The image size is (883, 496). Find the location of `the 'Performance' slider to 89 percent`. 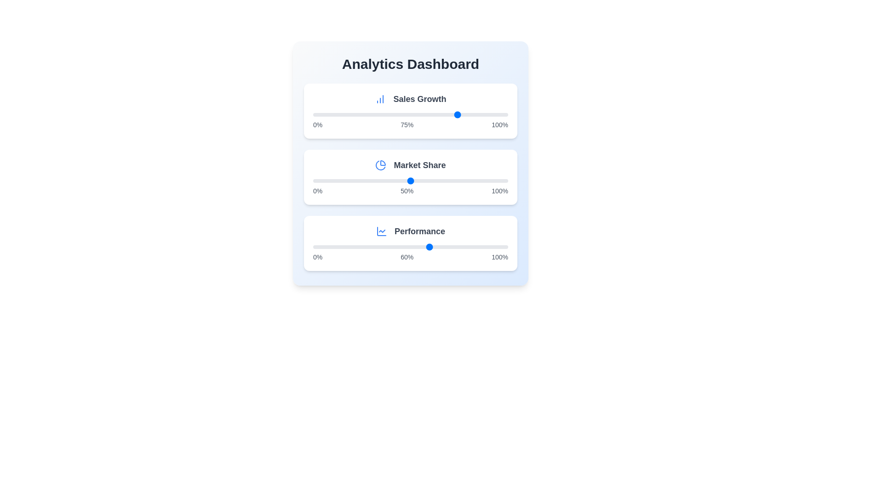

the 'Performance' slider to 89 percent is located at coordinates (486, 246).